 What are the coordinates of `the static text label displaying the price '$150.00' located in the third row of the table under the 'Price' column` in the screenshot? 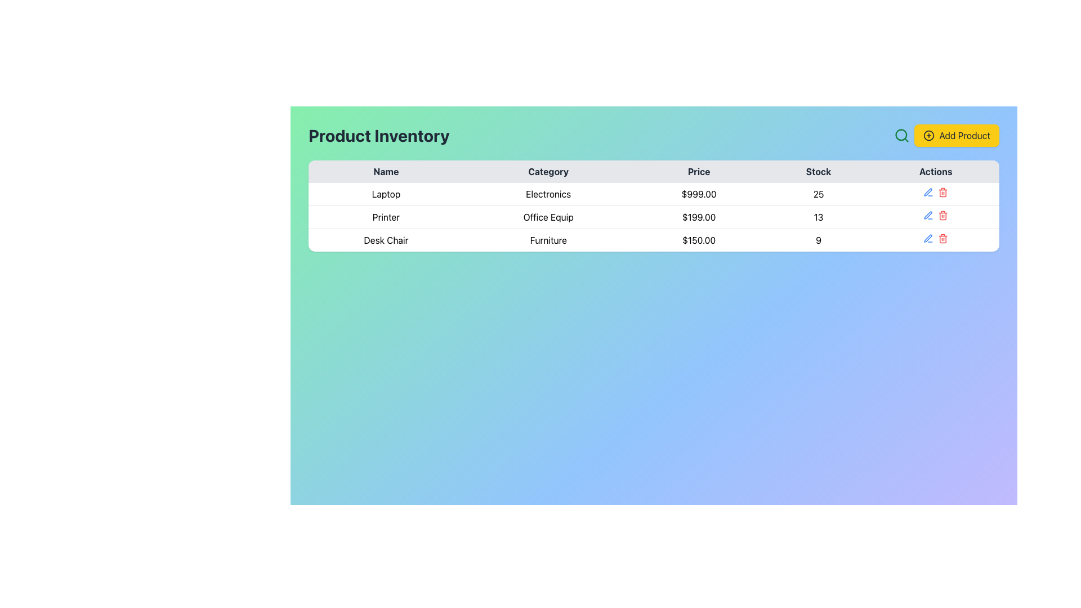 It's located at (698, 239).